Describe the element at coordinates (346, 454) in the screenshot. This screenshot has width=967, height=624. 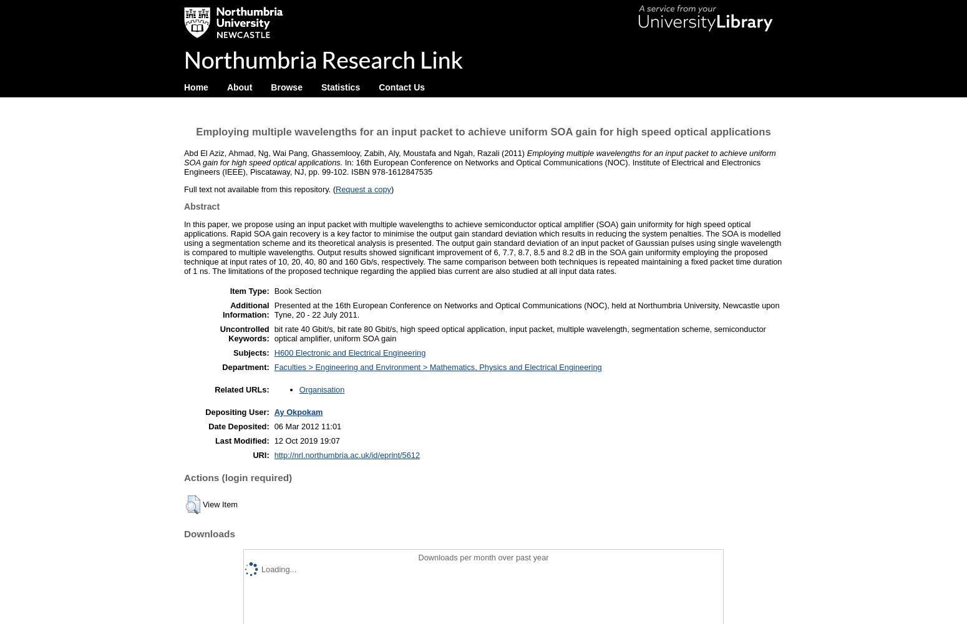
I see `'http://nrl.northumbria.ac.uk/id/eprint/5612'` at that location.